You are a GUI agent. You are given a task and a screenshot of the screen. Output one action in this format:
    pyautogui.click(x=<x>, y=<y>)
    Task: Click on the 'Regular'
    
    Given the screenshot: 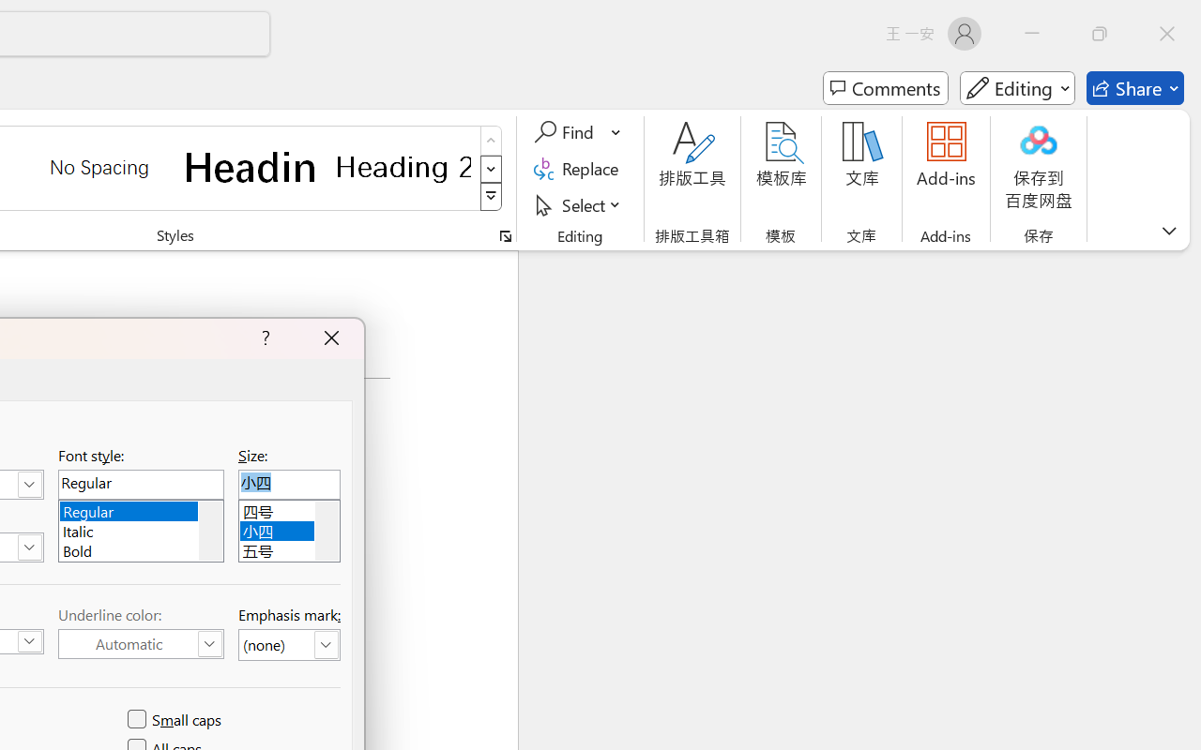 What is the action you would take?
    pyautogui.click(x=140, y=509)
    